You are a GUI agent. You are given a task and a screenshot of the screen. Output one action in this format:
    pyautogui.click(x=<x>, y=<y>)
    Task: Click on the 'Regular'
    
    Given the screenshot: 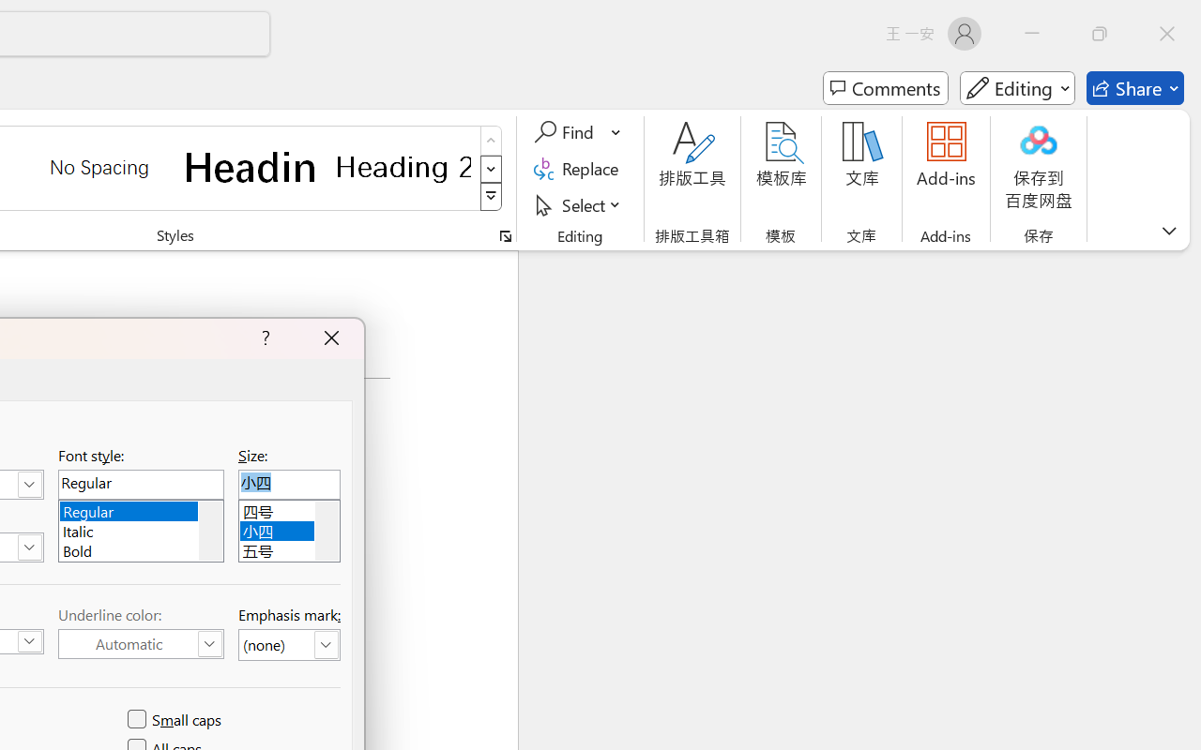 What is the action you would take?
    pyautogui.click(x=140, y=509)
    